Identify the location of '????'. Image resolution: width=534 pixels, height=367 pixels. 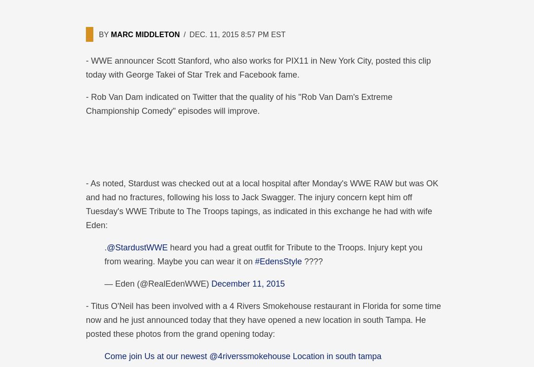
(312, 261).